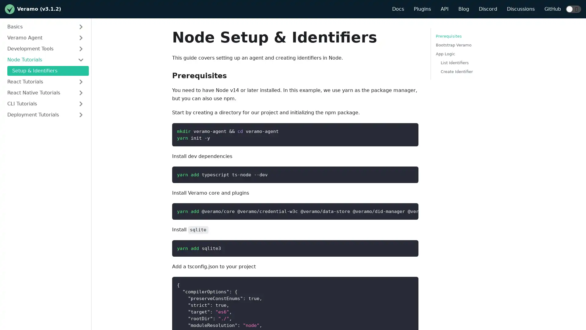 This screenshot has width=586, height=330. Describe the element at coordinates (408, 173) in the screenshot. I see `Copy code to clipboard` at that location.